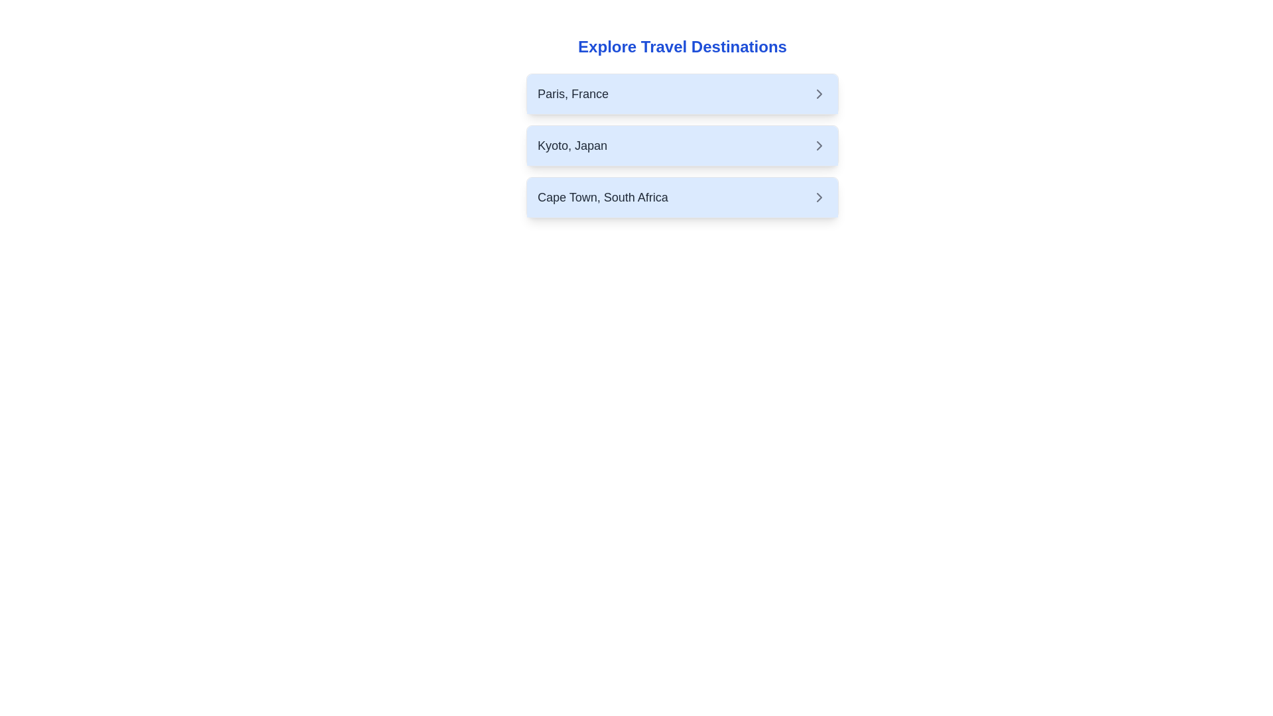 The height and width of the screenshot is (716, 1273). I want to click on the button labeled 'Kyoto, Japan', so click(682, 133).